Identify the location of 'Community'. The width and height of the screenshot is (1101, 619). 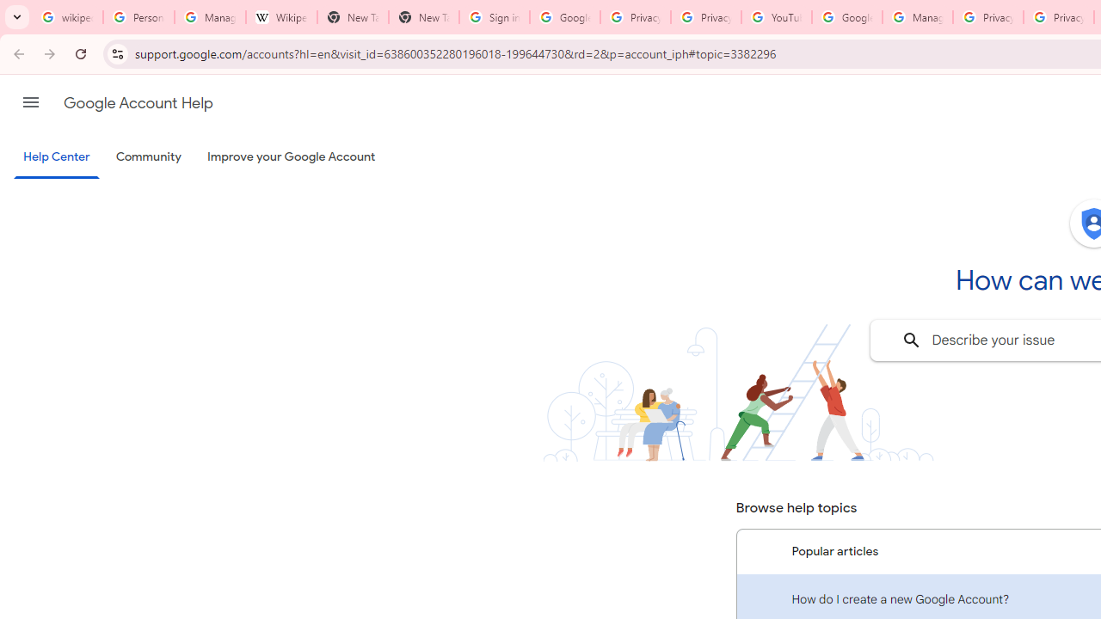
(148, 157).